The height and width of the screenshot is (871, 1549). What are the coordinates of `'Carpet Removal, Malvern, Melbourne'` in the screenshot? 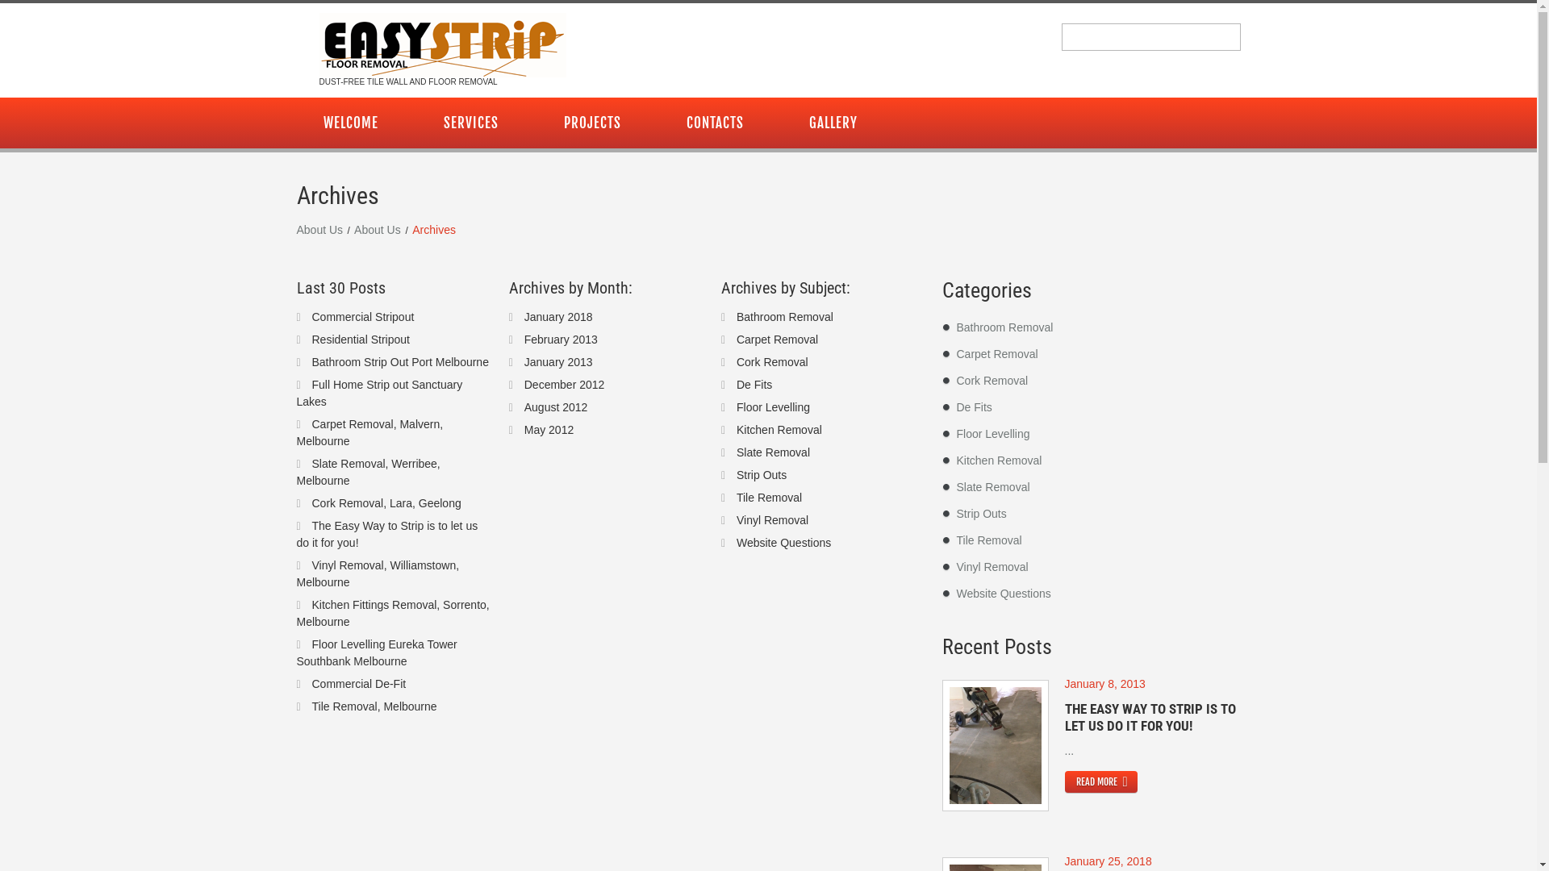 It's located at (370, 431).